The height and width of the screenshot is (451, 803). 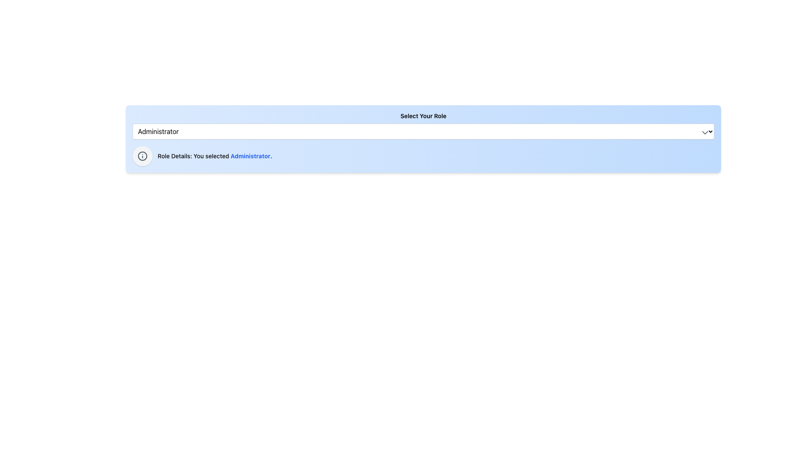 What do you see at coordinates (142, 156) in the screenshot?
I see `properties of the SVG Circle element, which is an outlined circle with a uniform stroke, located centrally towards the left of the text in the lower section of the interface` at bounding box center [142, 156].